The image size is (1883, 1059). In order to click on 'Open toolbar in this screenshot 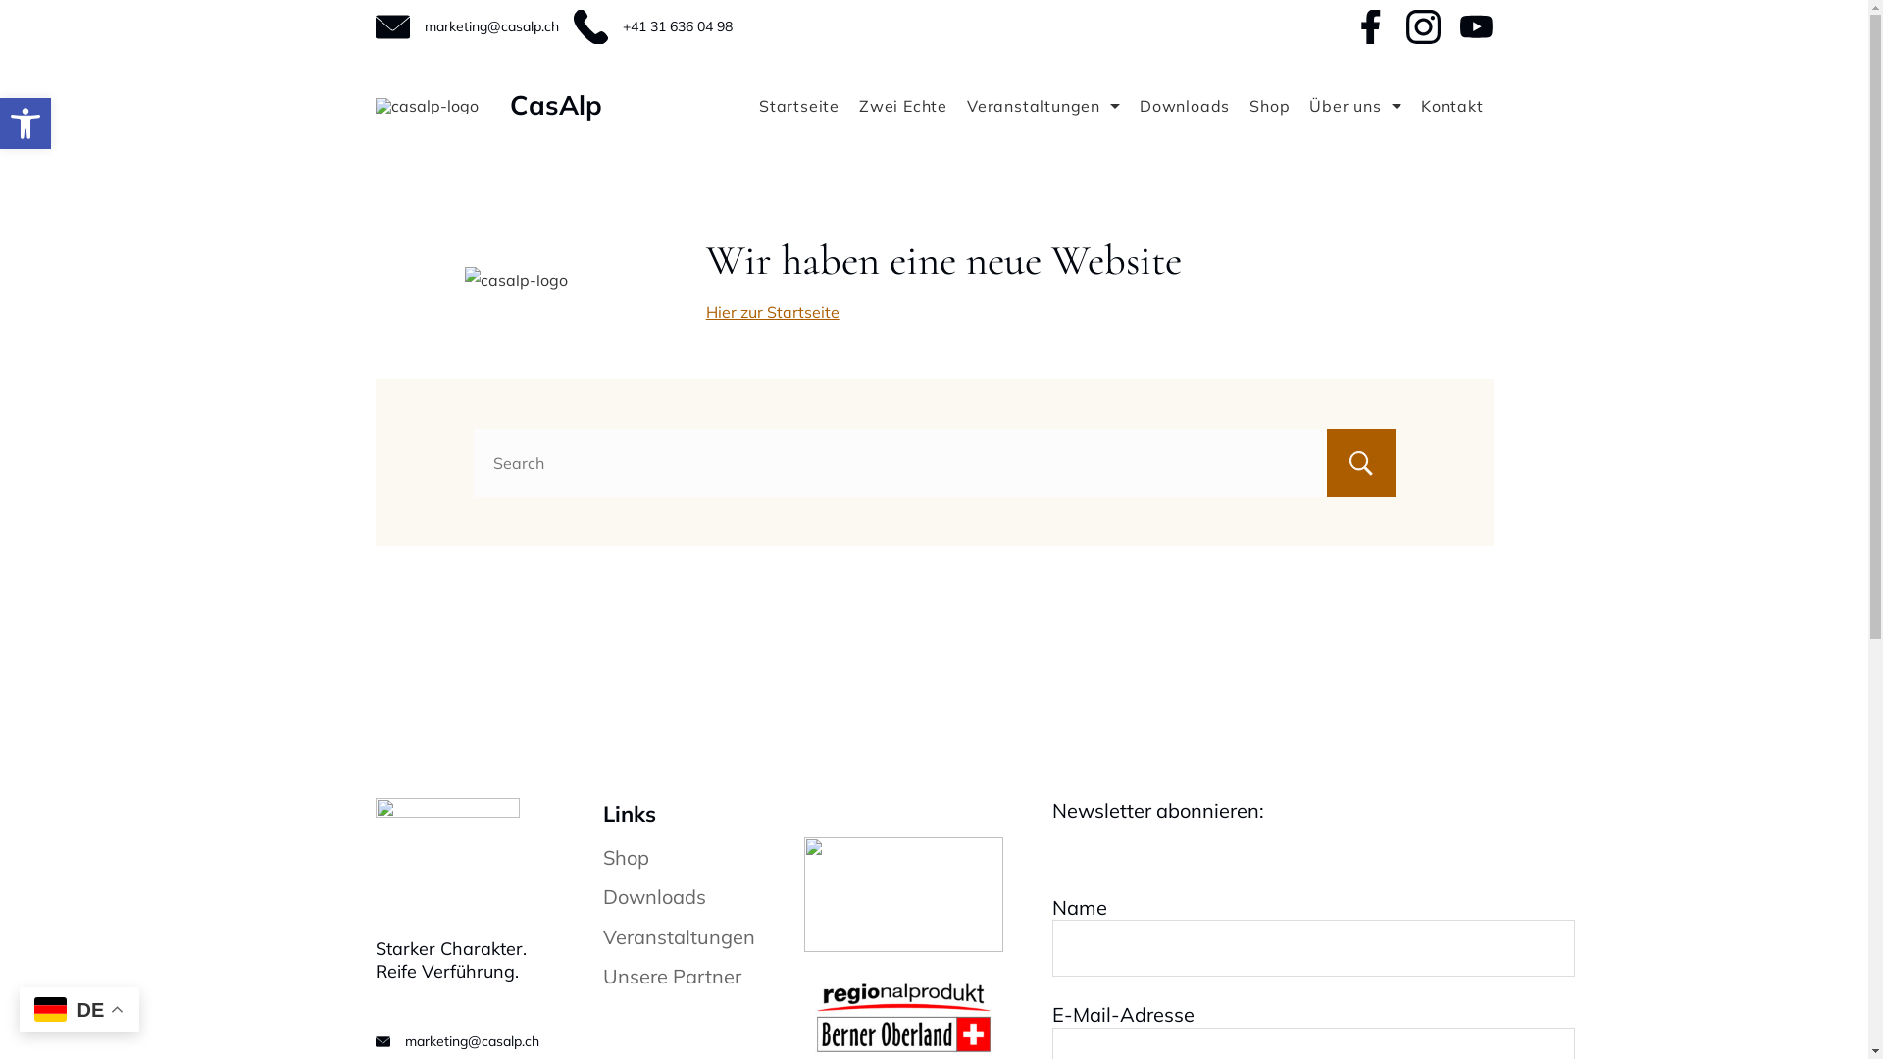, I will do `click(0, 124)`.